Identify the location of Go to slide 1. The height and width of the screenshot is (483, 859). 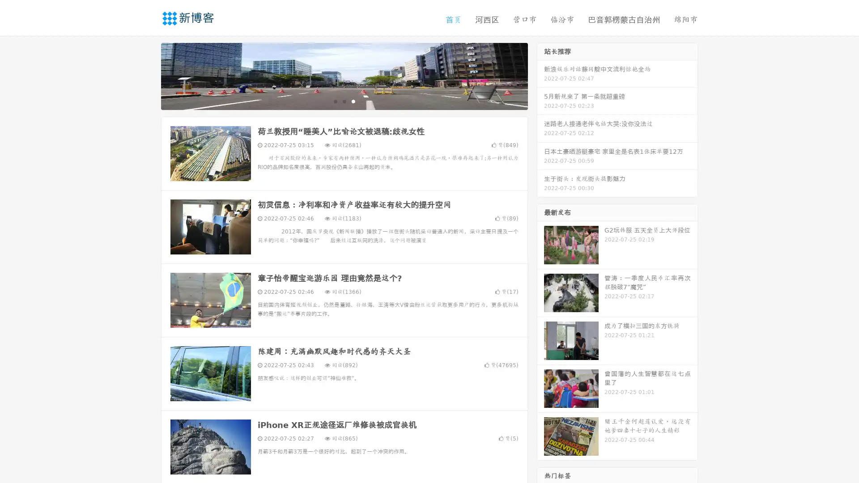
(335, 101).